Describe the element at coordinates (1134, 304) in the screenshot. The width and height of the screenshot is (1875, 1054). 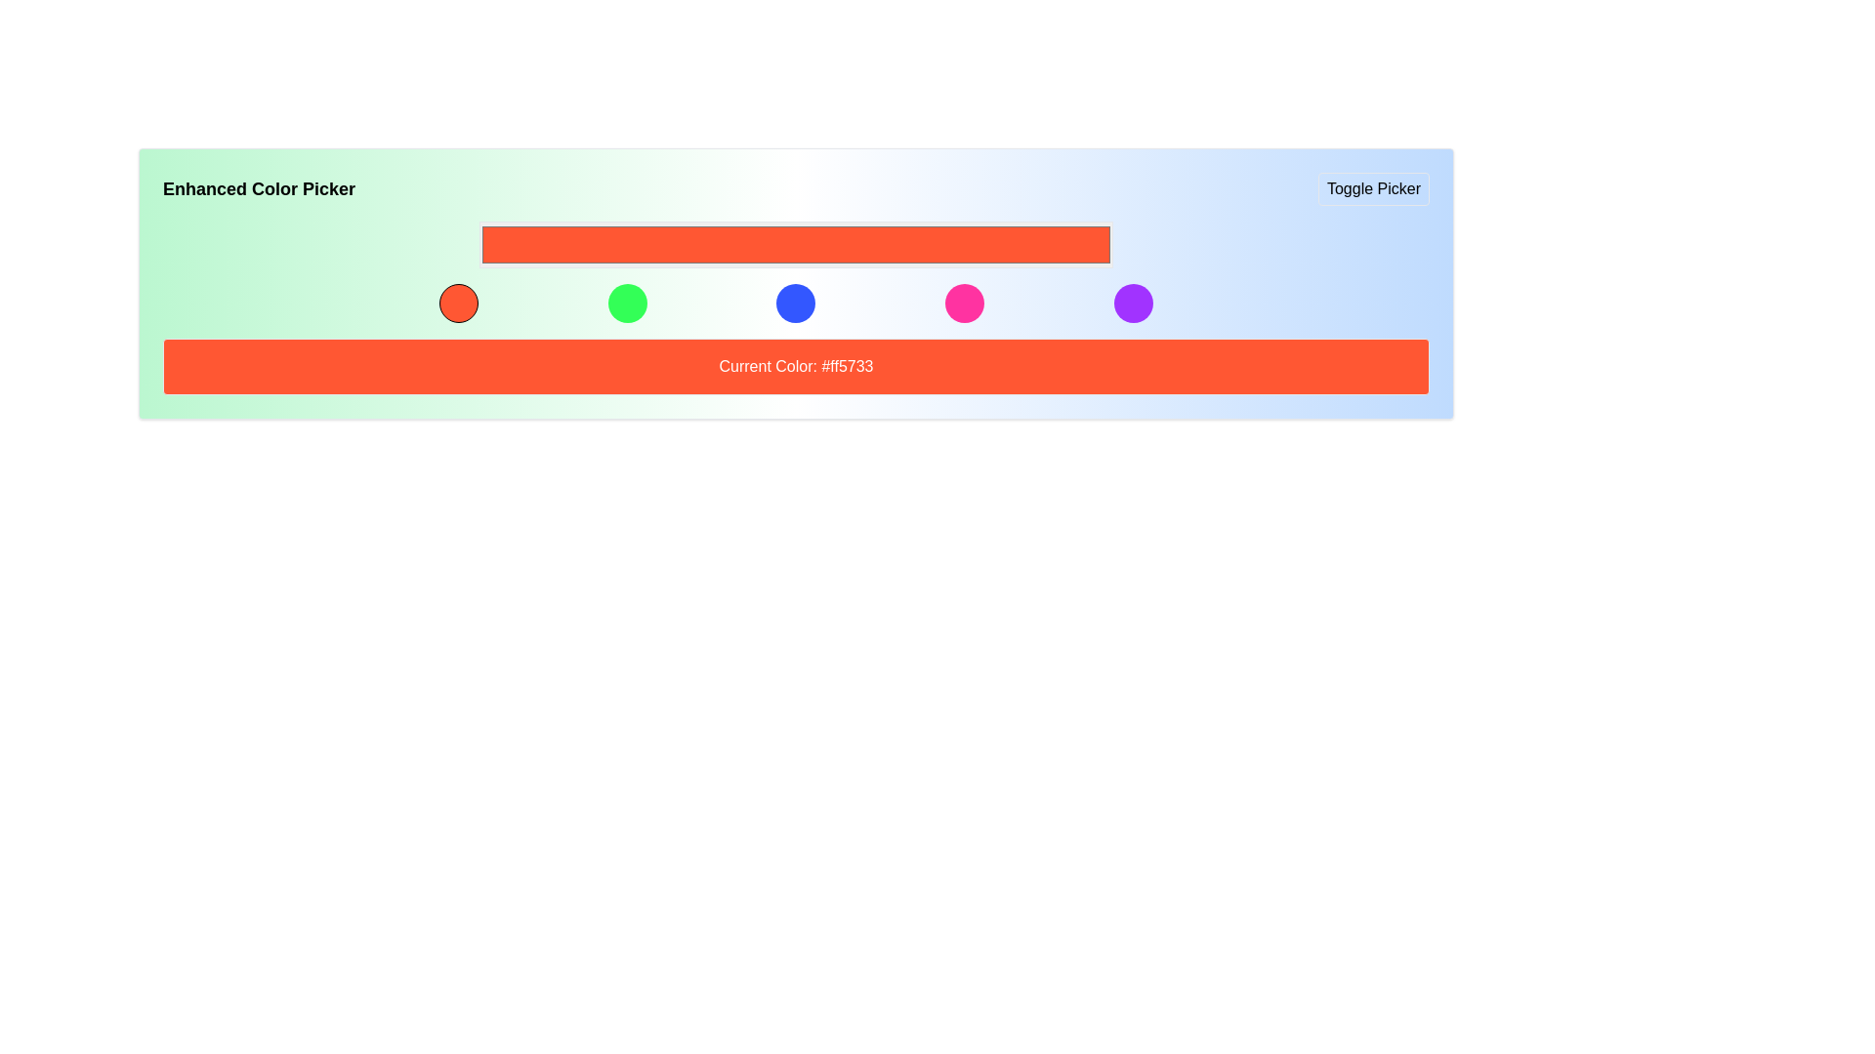
I see `the fifth circular color selection button with a purple fill` at that location.